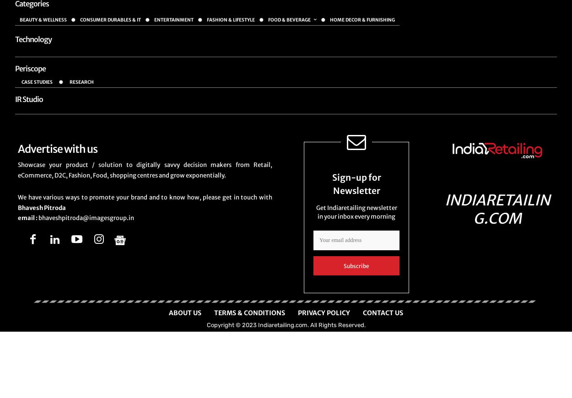 This screenshot has height=398, width=572. What do you see at coordinates (39, 50) in the screenshot?
I see `'No menu items!'` at bounding box center [39, 50].